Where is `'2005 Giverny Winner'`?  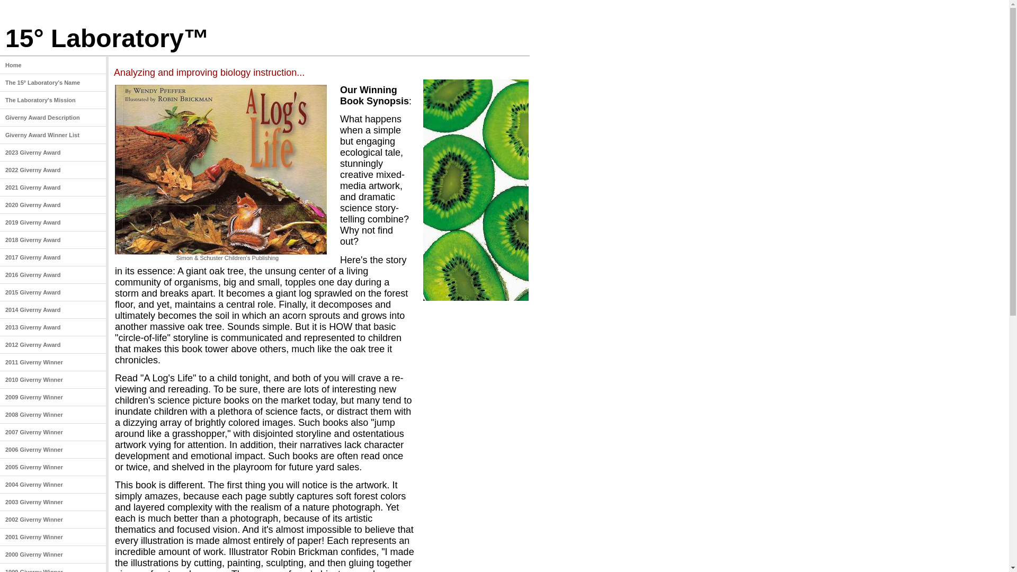
'2005 Giverny Winner' is located at coordinates (52, 467).